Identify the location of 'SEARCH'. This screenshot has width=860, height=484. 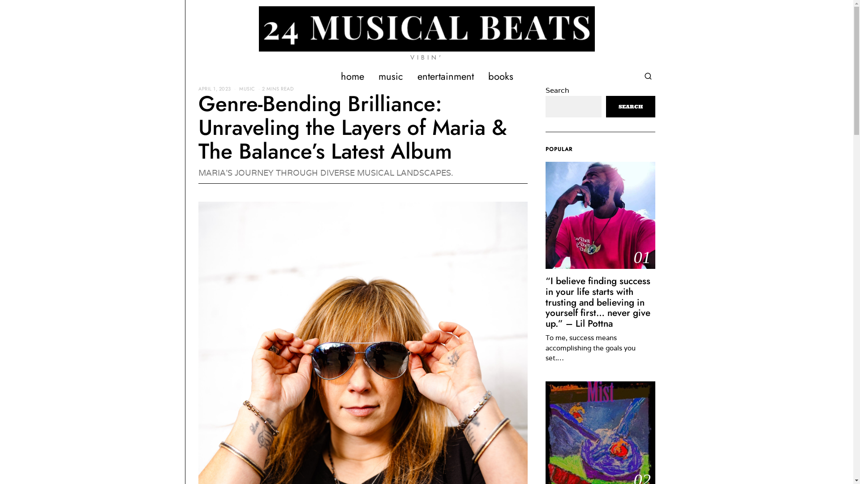
(630, 106).